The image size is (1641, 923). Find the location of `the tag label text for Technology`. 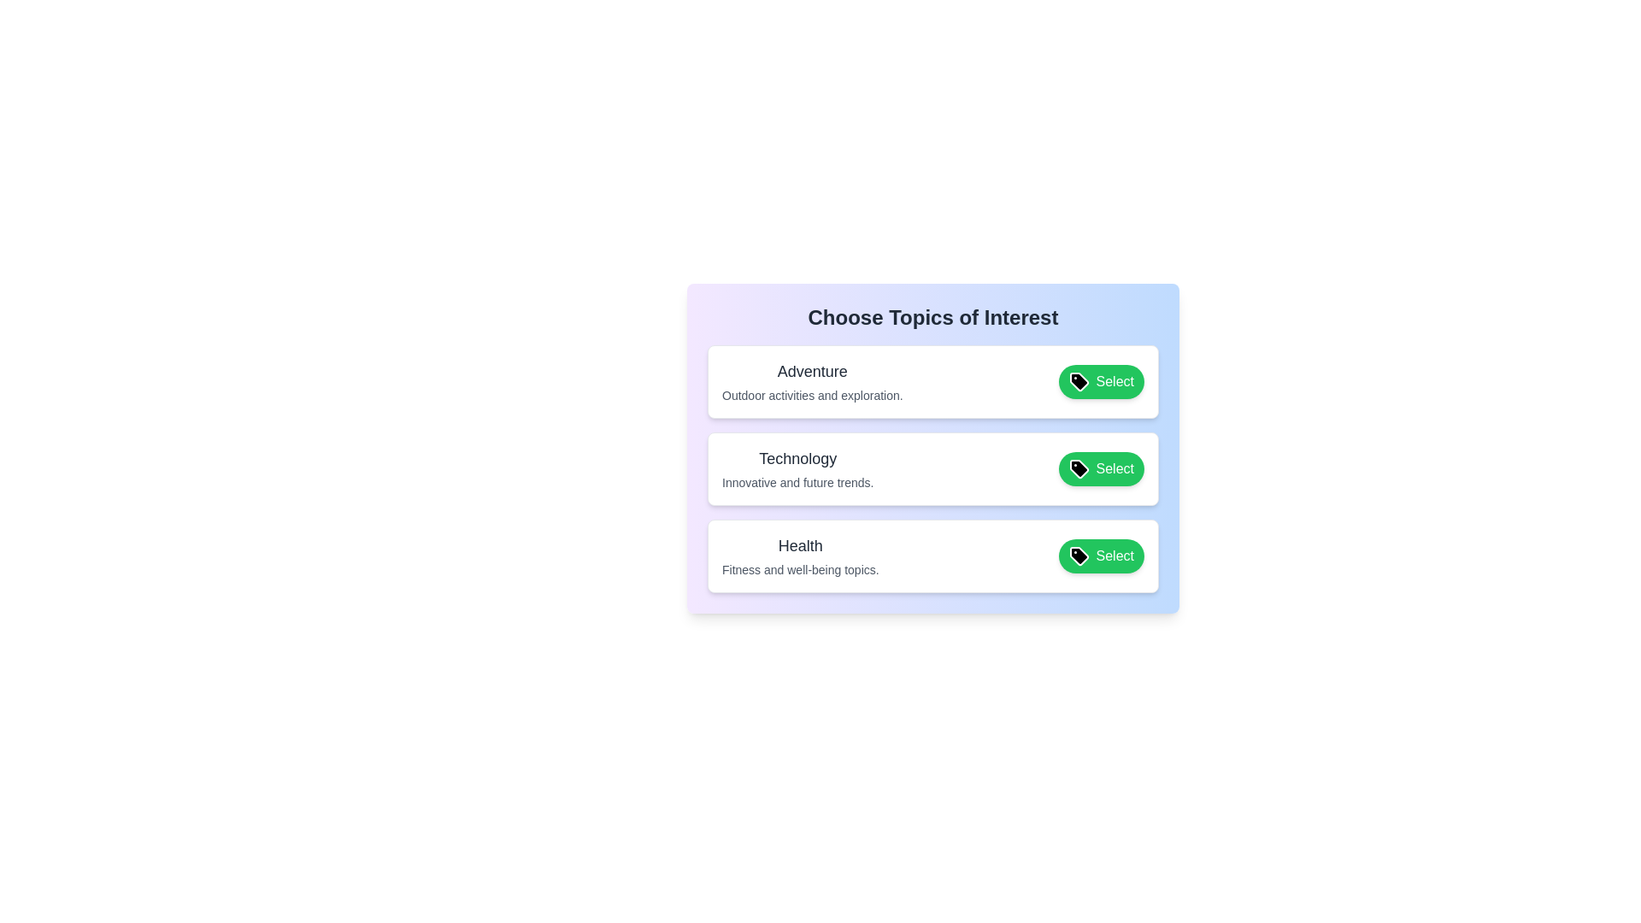

the tag label text for Technology is located at coordinates (797, 457).